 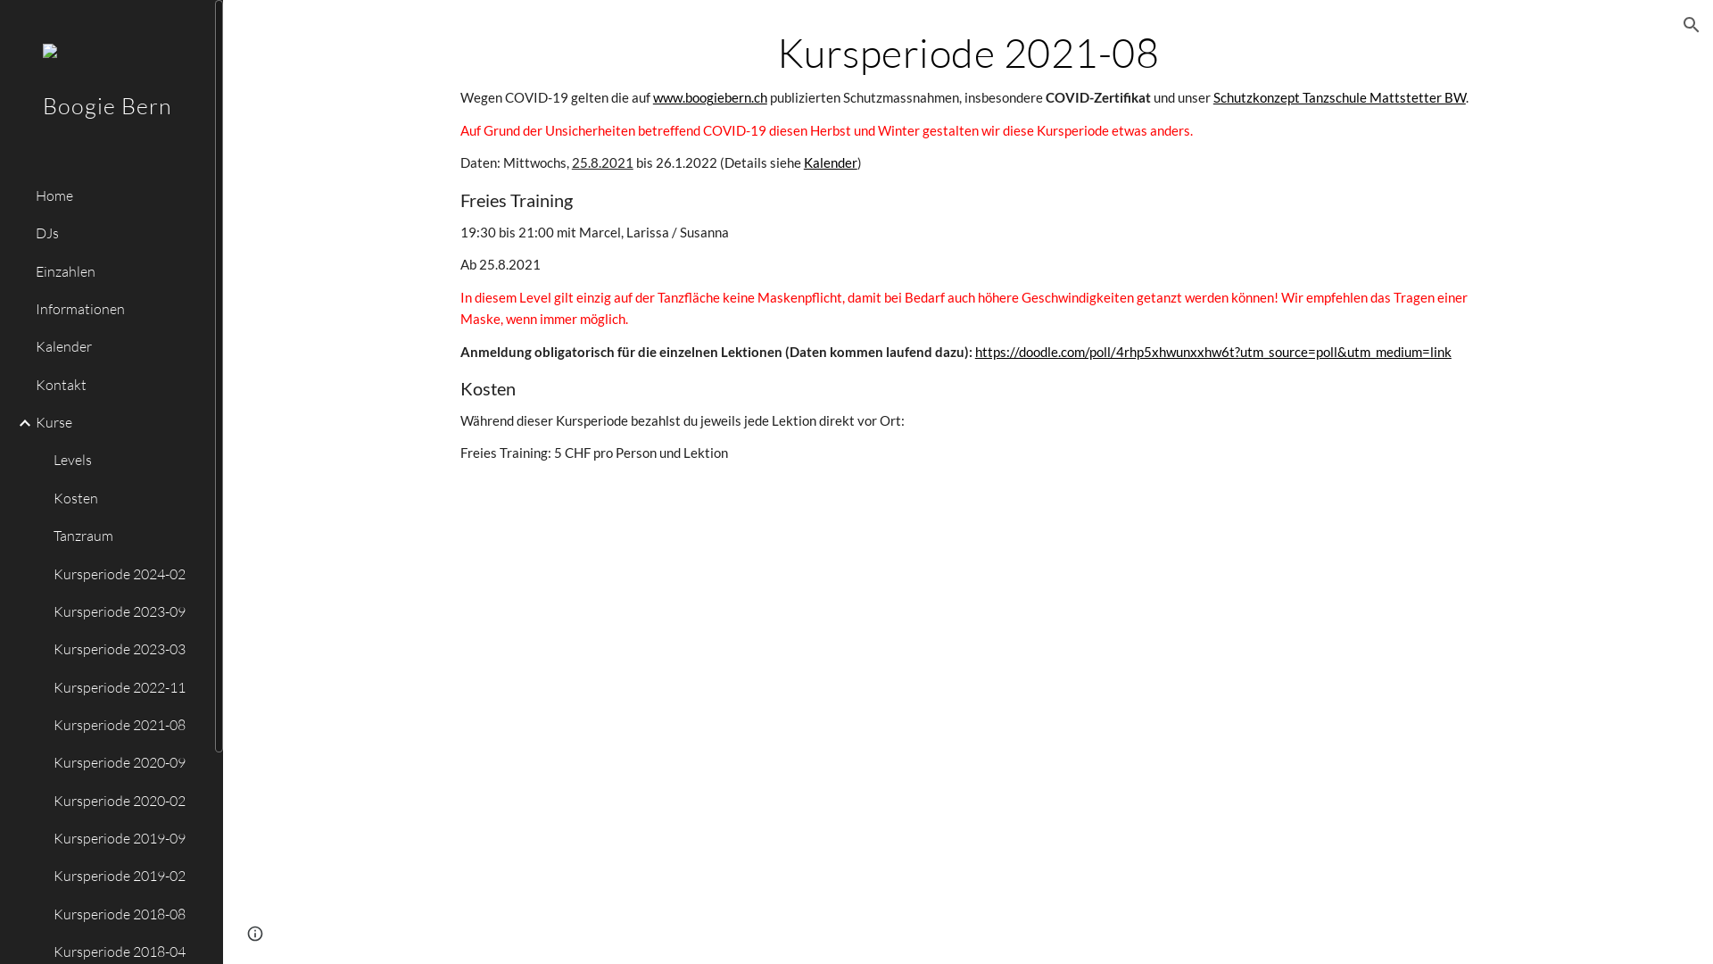 I want to click on 'Schutzkonzept Tanzschule Mattstetter BW', so click(x=1339, y=97).